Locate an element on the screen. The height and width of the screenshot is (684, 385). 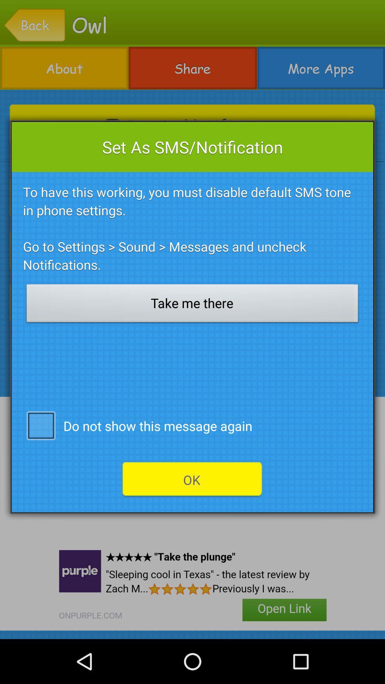
the ok icon is located at coordinates (192, 480).